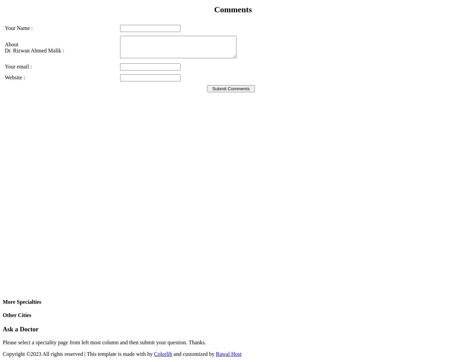 The image size is (466, 362). Describe the element at coordinates (150, 353) in the screenshot. I see `'by'` at that location.